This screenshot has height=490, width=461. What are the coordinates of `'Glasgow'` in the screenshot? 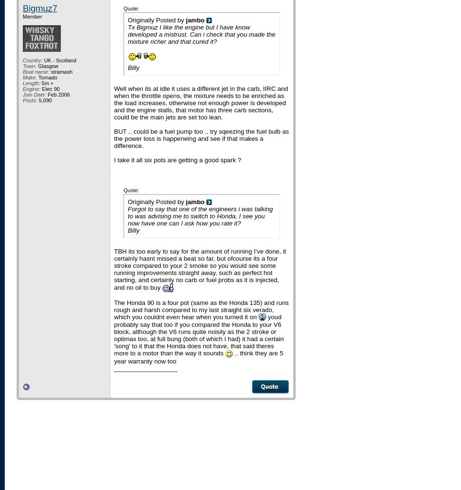 It's located at (47, 65).